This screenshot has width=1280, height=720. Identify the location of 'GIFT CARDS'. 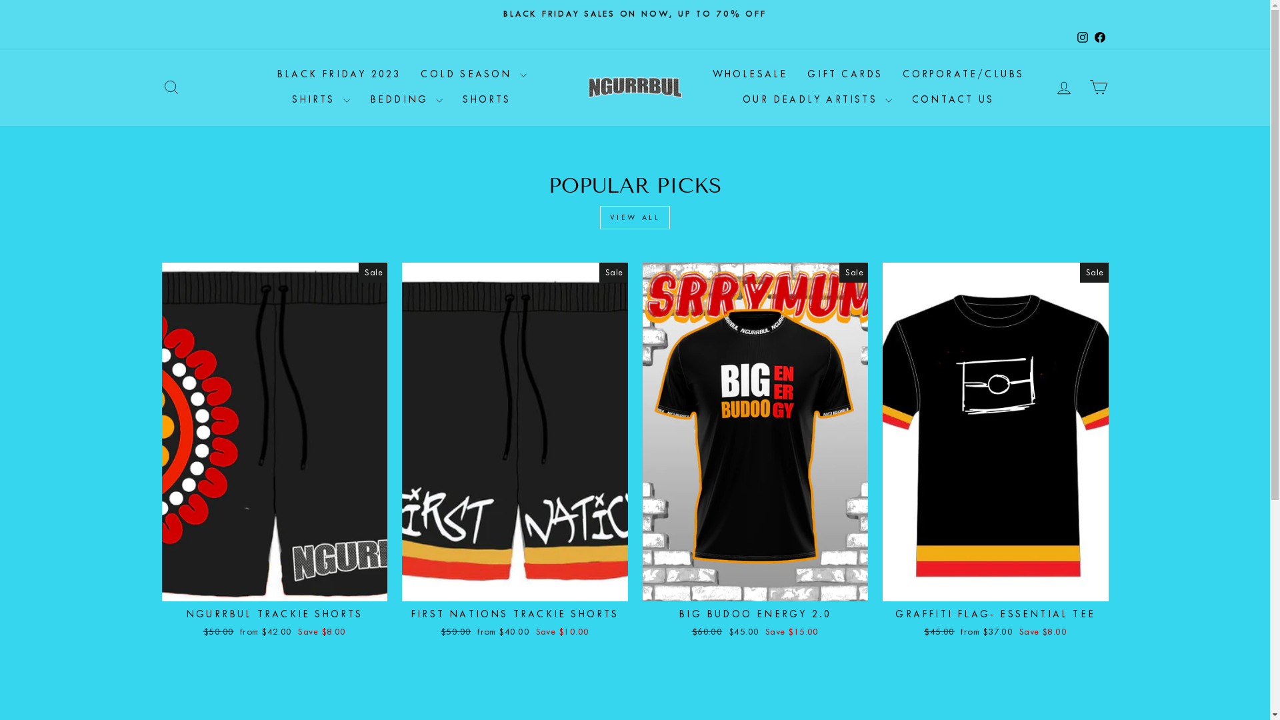
(844, 75).